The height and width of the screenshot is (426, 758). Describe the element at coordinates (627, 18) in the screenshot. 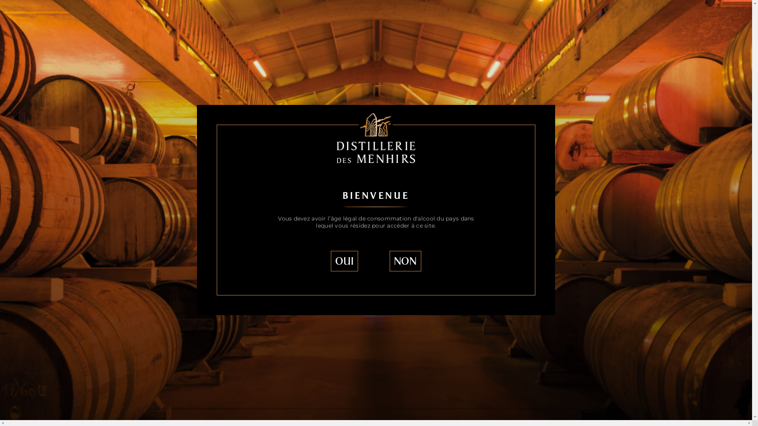

I see `'PANIER` at that location.